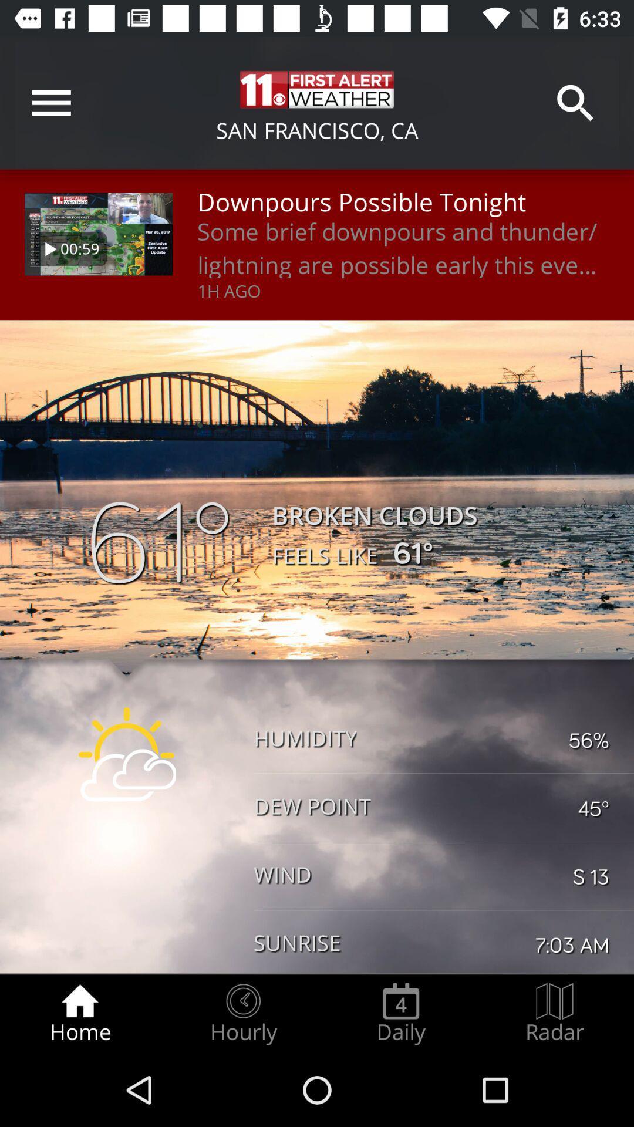  Describe the element at coordinates (79, 1013) in the screenshot. I see `the home` at that location.